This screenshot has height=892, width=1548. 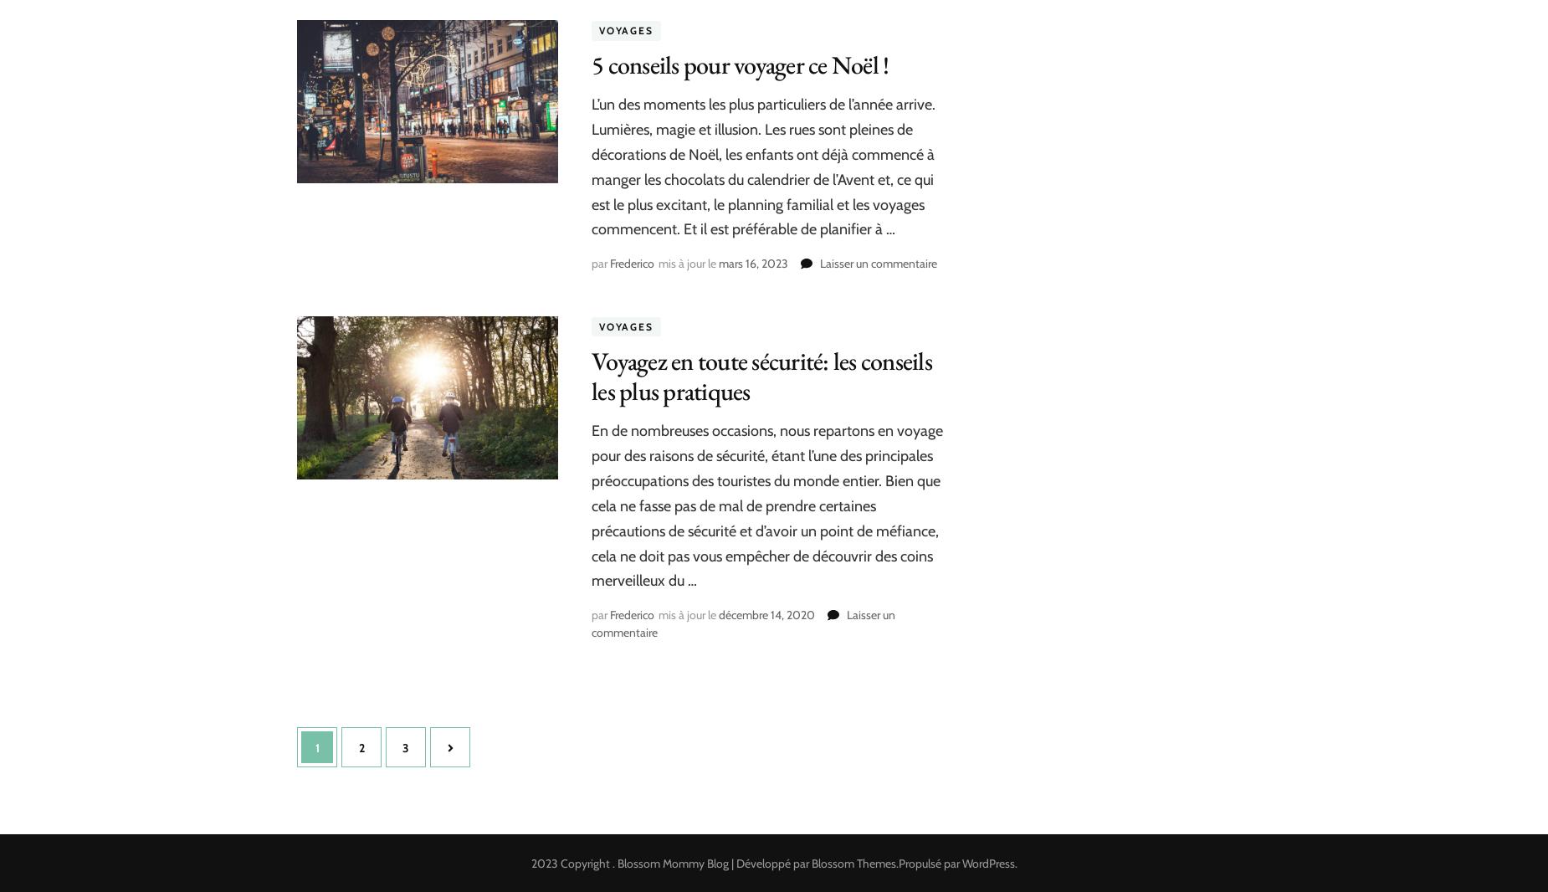 I want to click on '2023 Copyright', so click(x=571, y=863).